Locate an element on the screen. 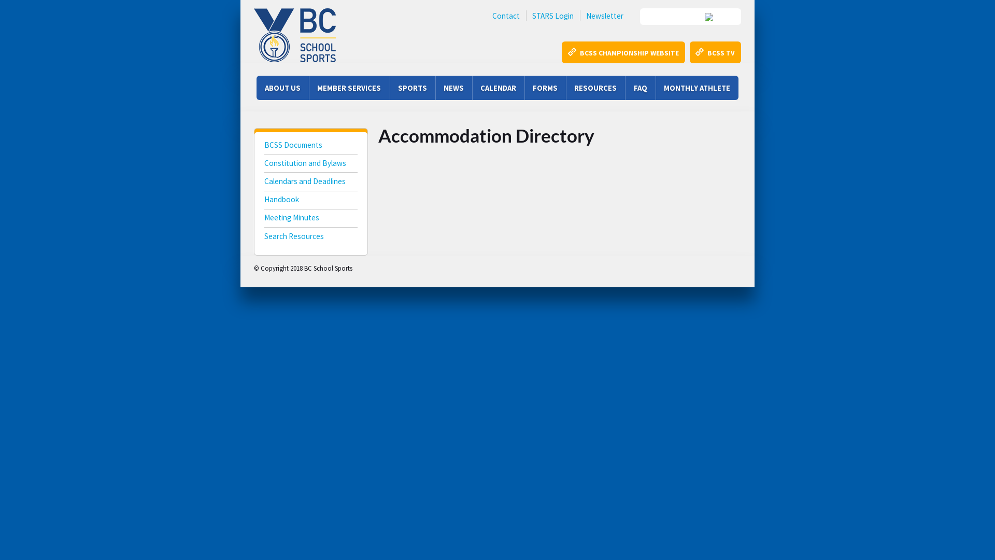  'Search Resources' is located at coordinates (310, 237).